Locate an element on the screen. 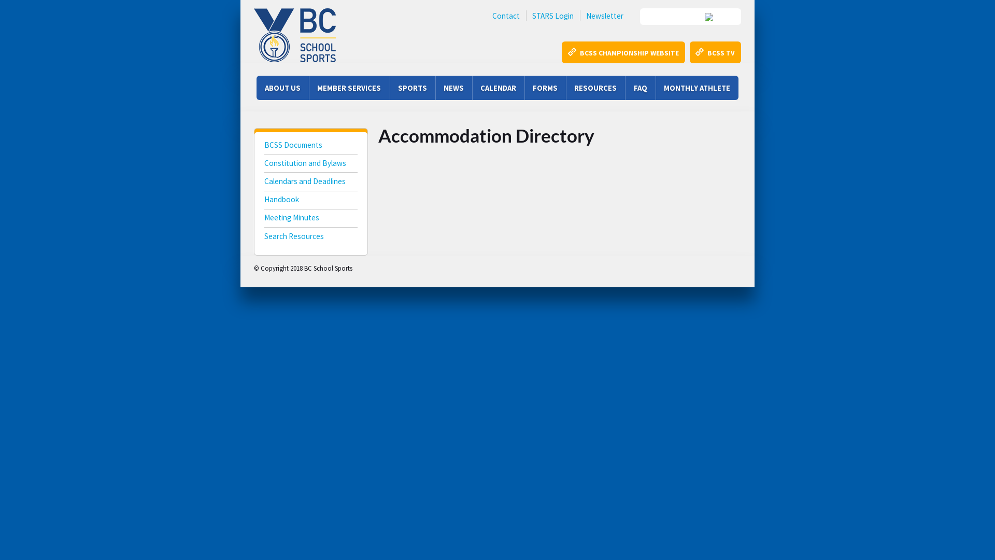  'Search Resources' is located at coordinates (310, 237).